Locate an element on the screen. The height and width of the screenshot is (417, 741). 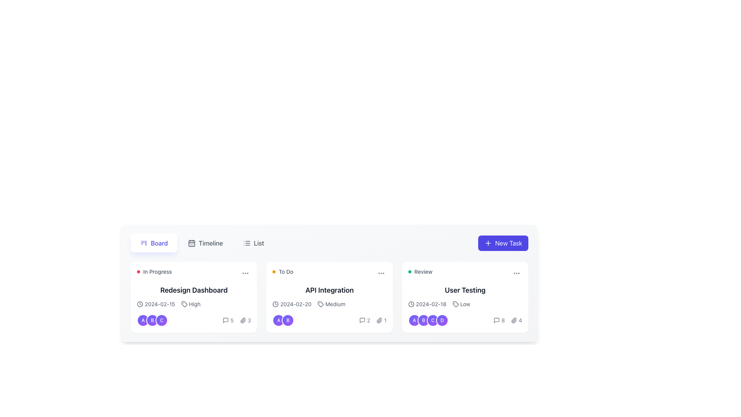
the ellipsis icon consisting of three gray circular dots located in the top-right corner of the 'API Integration' card in the 'To Do' column is located at coordinates (381, 273).